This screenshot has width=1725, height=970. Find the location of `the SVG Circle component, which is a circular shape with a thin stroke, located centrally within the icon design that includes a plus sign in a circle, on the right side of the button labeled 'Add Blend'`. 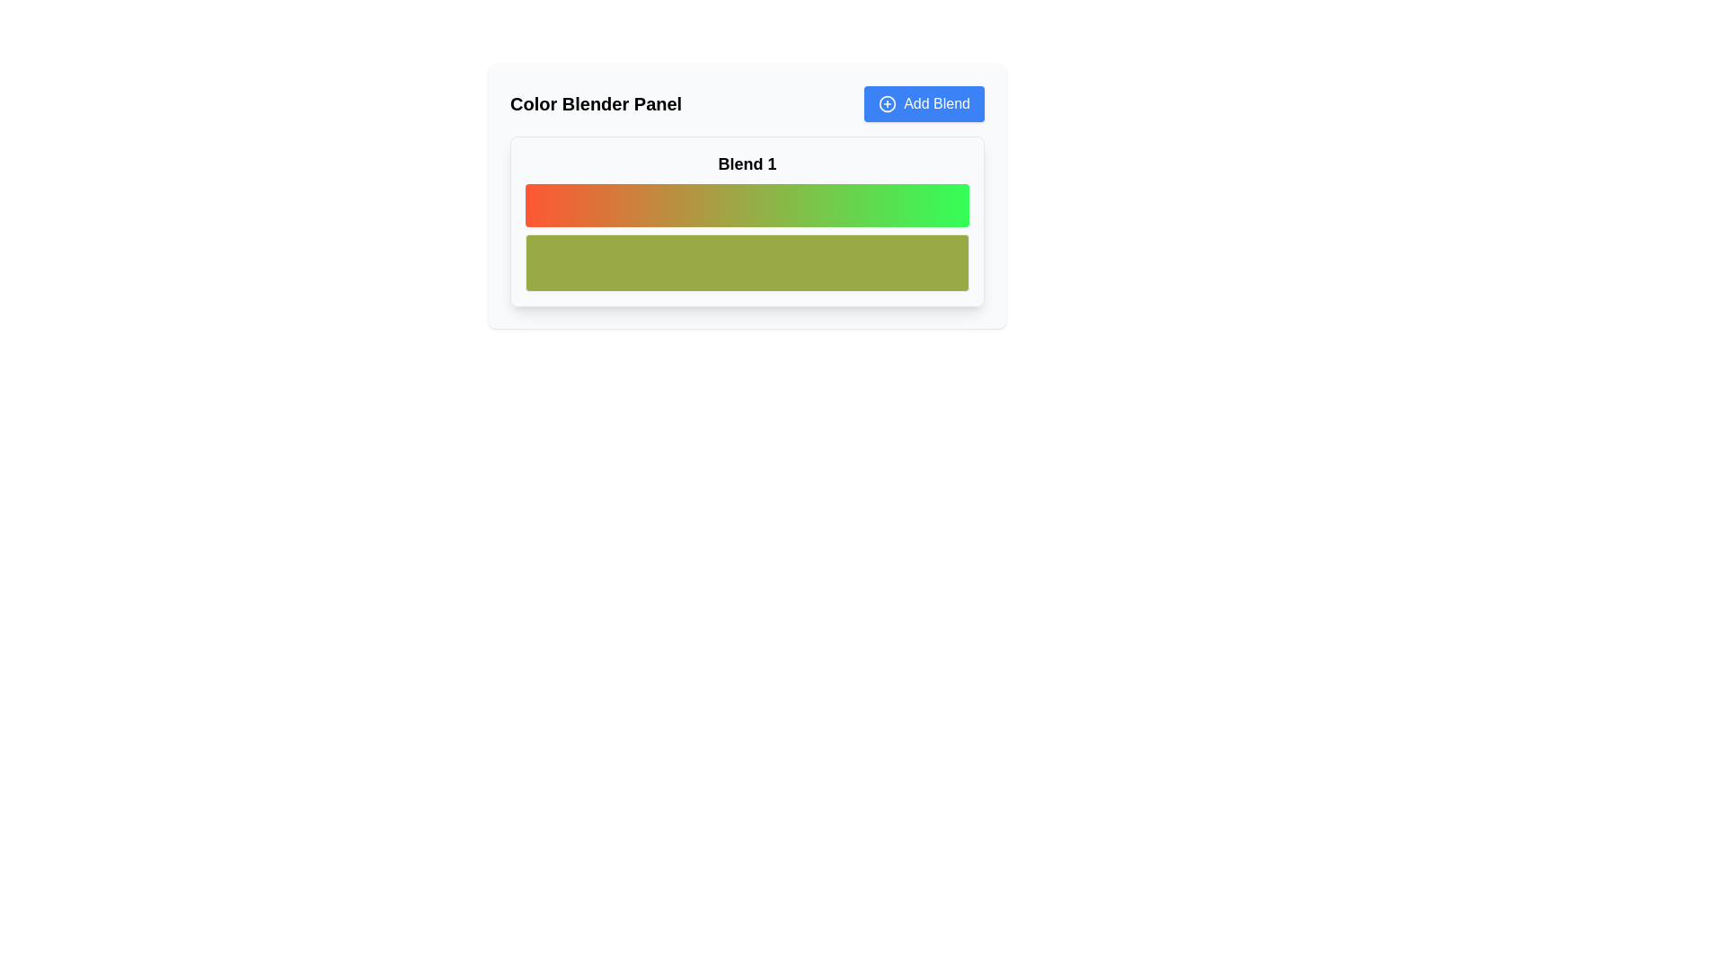

the SVG Circle component, which is a circular shape with a thin stroke, located centrally within the icon design that includes a plus sign in a circle, on the right side of the button labeled 'Add Blend' is located at coordinates (888, 103).